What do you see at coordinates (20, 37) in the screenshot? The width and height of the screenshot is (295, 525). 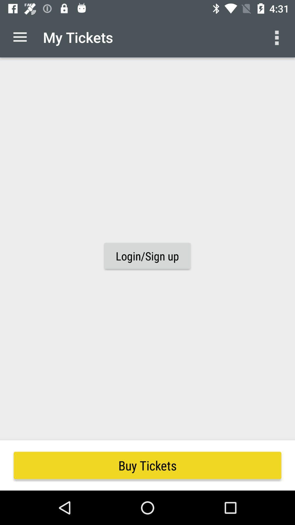 I see `the item next to the my tickets icon` at bounding box center [20, 37].